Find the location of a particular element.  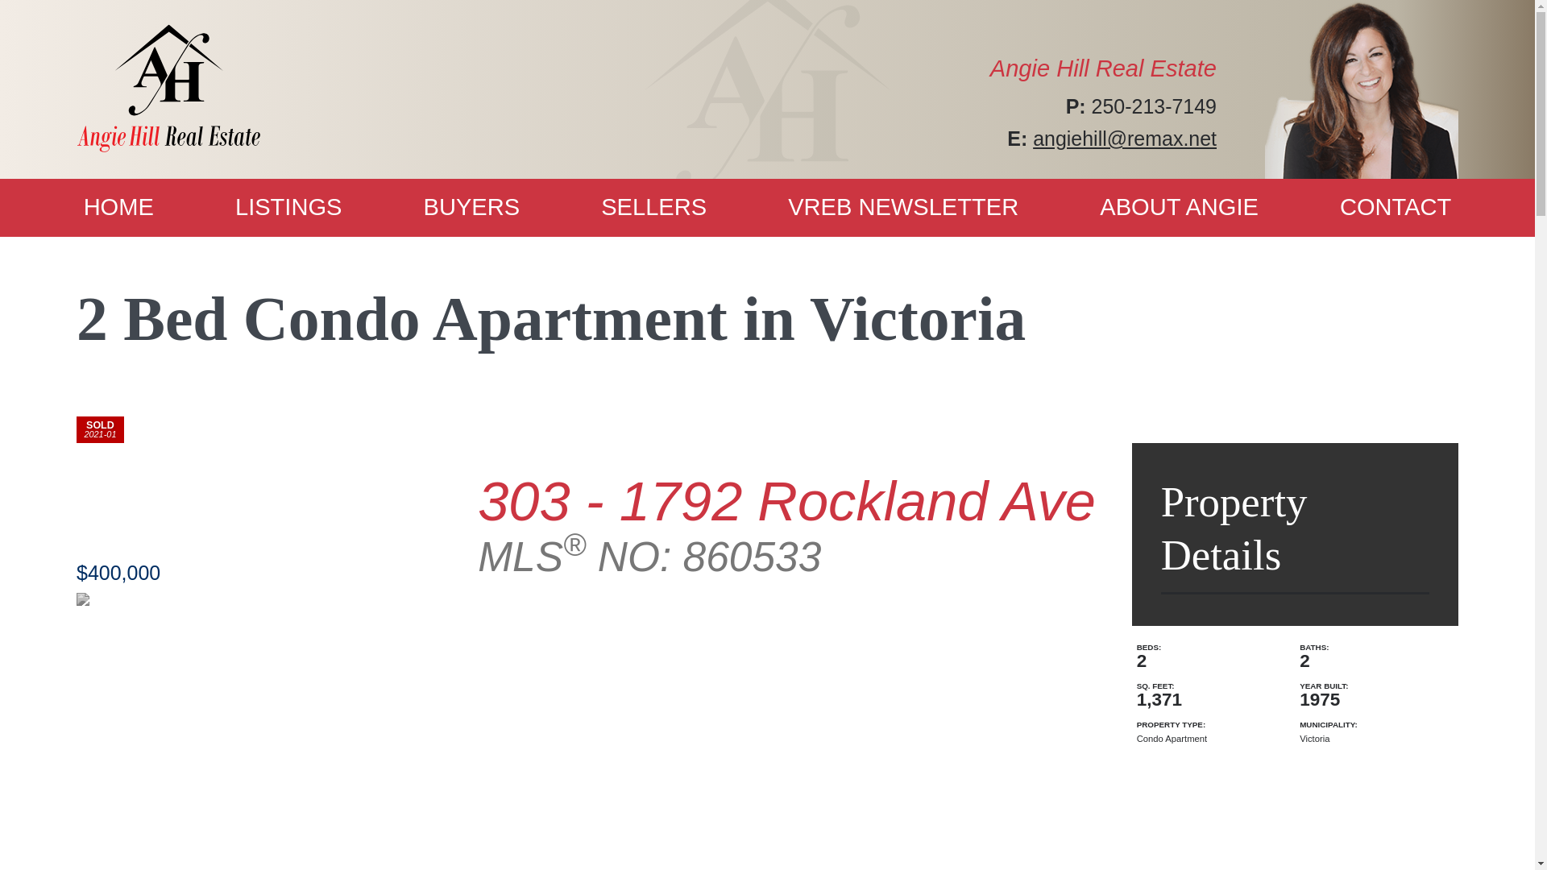

'HOME' is located at coordinates (118, 207).